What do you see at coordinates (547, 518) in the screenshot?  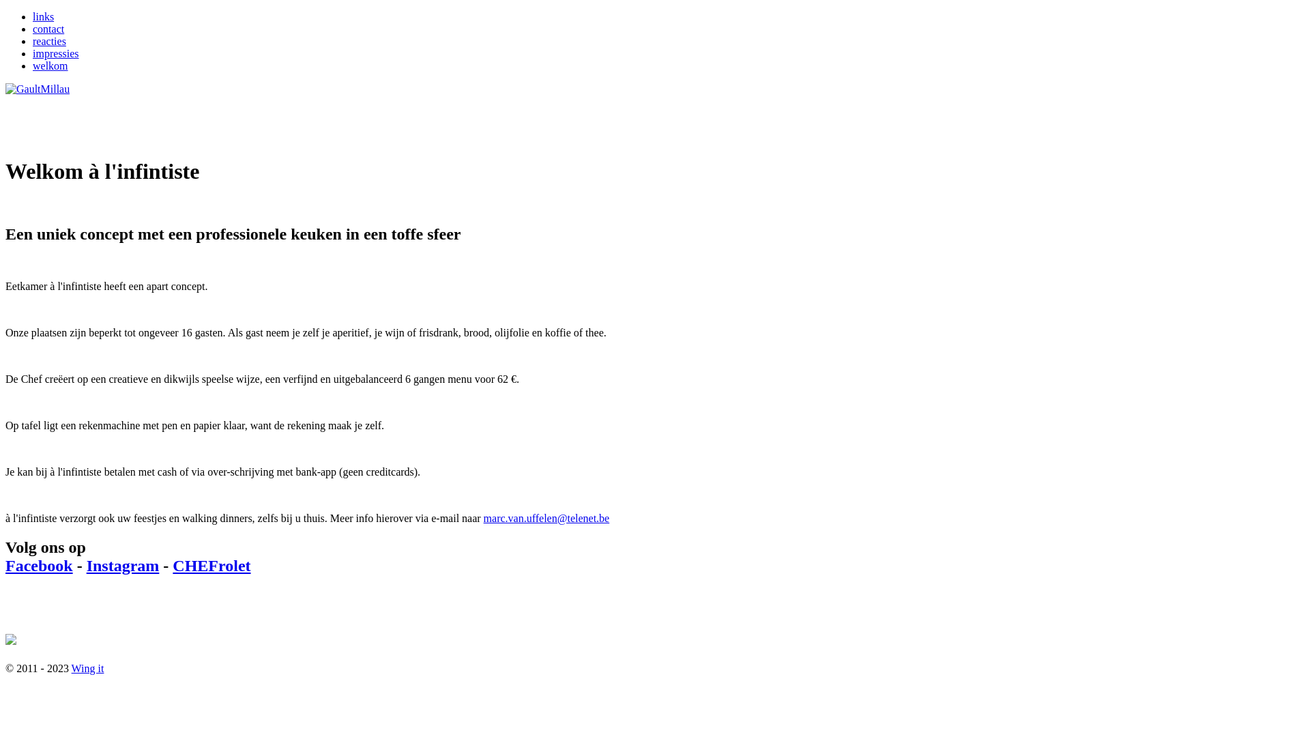 I see `'marc.van.uffelen@telenet.be'` at bounding box center [547, 518].